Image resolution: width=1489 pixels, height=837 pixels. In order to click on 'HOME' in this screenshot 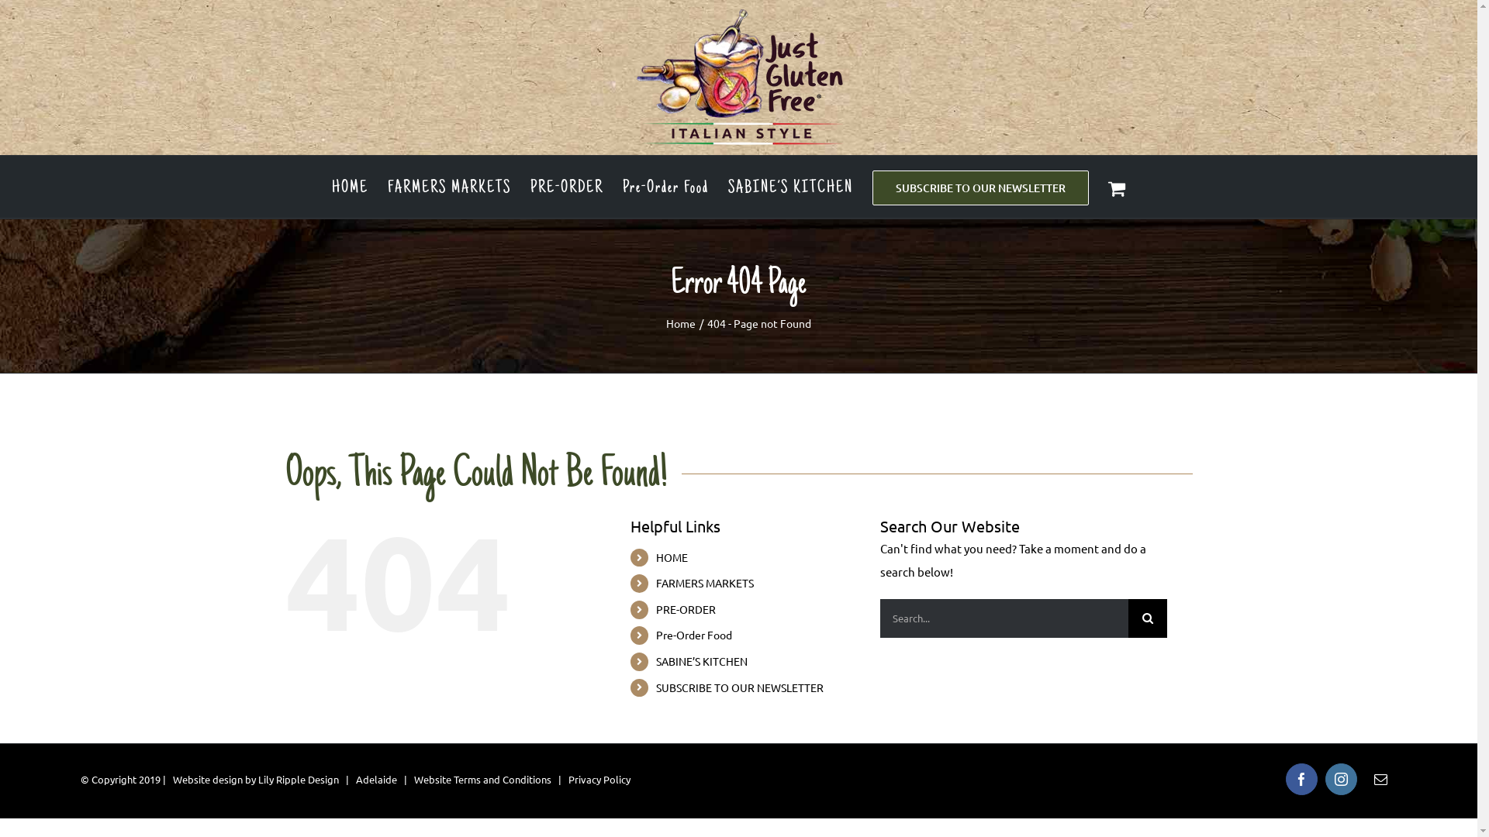, I will do `click(672, 556)`.